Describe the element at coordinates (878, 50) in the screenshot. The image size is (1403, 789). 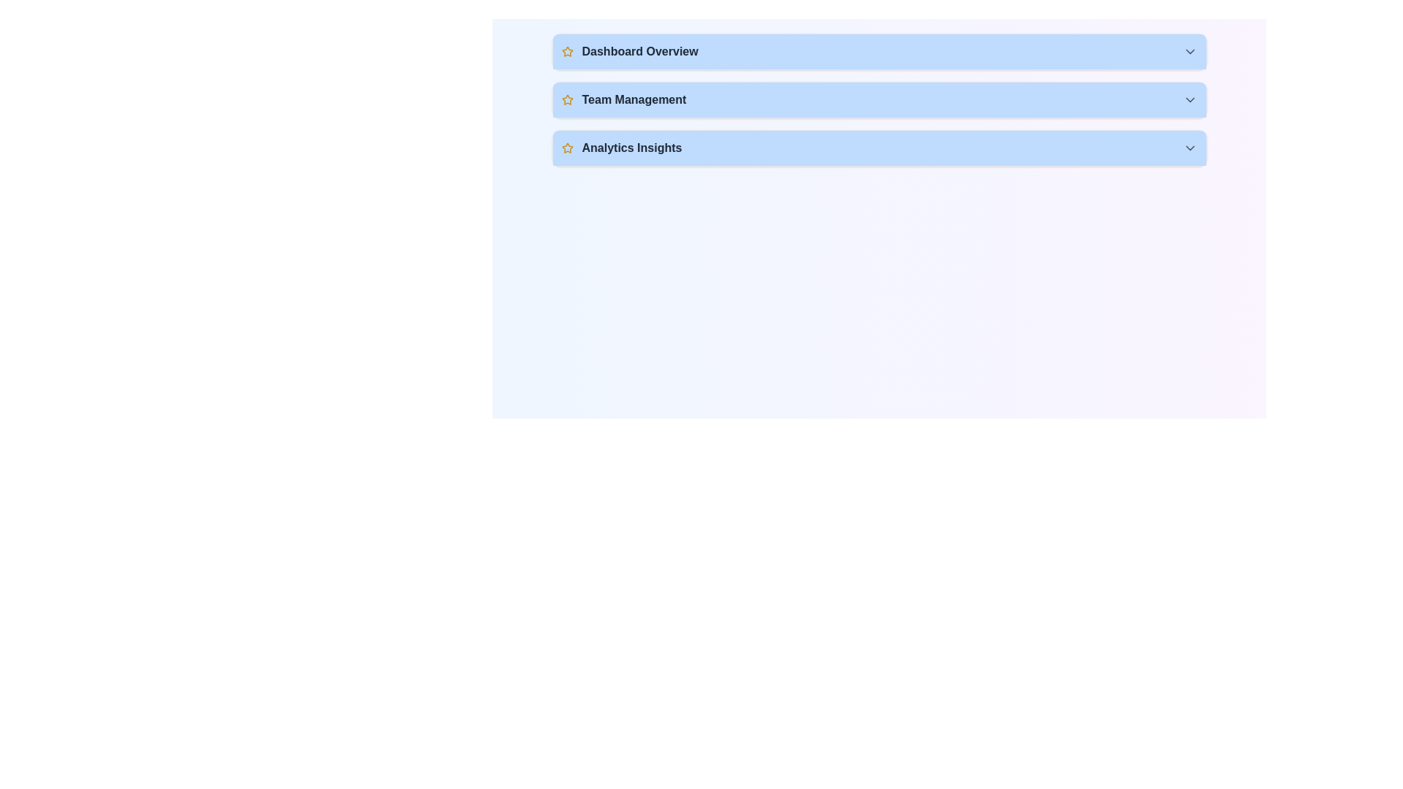
I see `the Navigation Tab located at the top of the tab bar, which leads to the dashboard overview section` at that location.